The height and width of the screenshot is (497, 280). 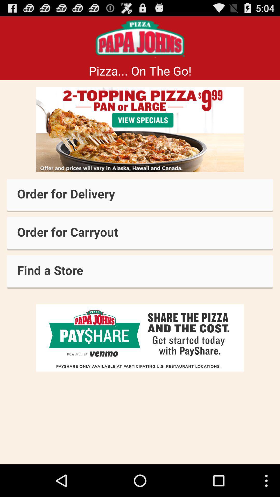 What do you see at coordinates (140, 272) in the screenshot?
I see `find a store` at bounding box center [140, 272].